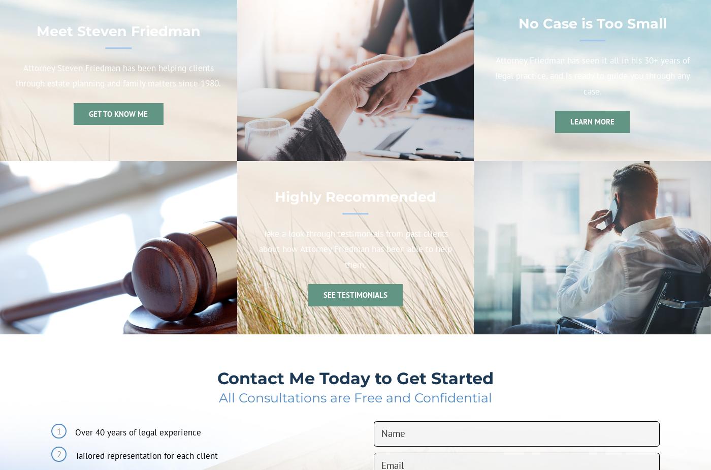 This screenshot has height=470, width=711. Describe the element at coordinates (494, 75) in the screenshot. I see `'Attorney Friedman has seen it all in his 30+ years of legal practice, and
							 is ready to guide you through any case.'` at that location.